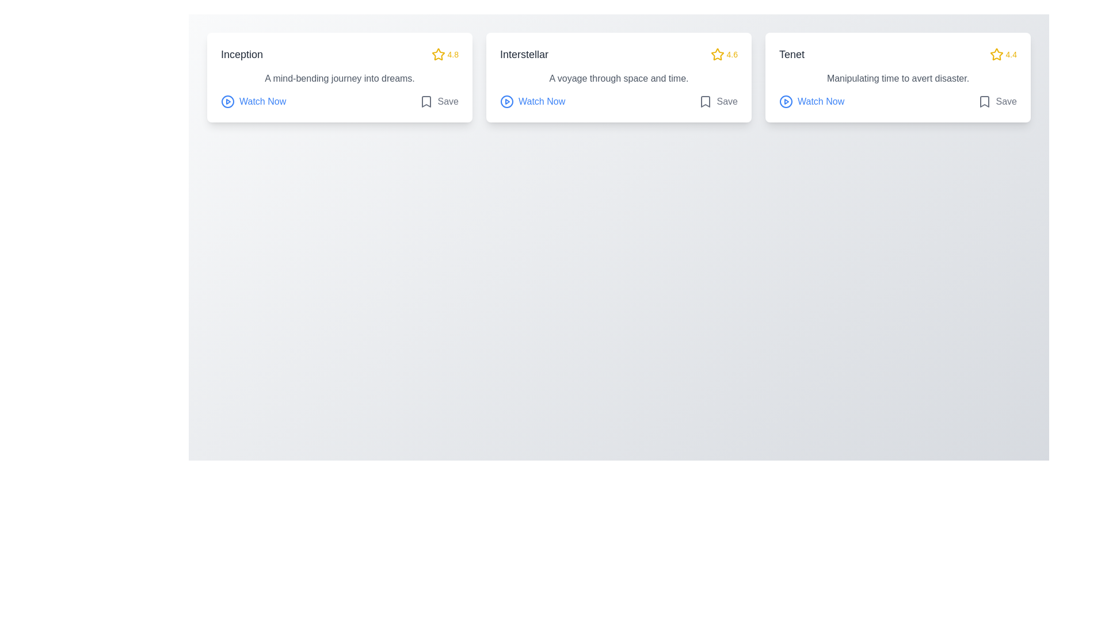  What do you see at coordinates (425, 101) in the screenshot?
I see `the bookmark-style icon within the 'Save' button on the card titled 'Inception', located at the bottom-right corner of the card` at bounding box center [425, 101].